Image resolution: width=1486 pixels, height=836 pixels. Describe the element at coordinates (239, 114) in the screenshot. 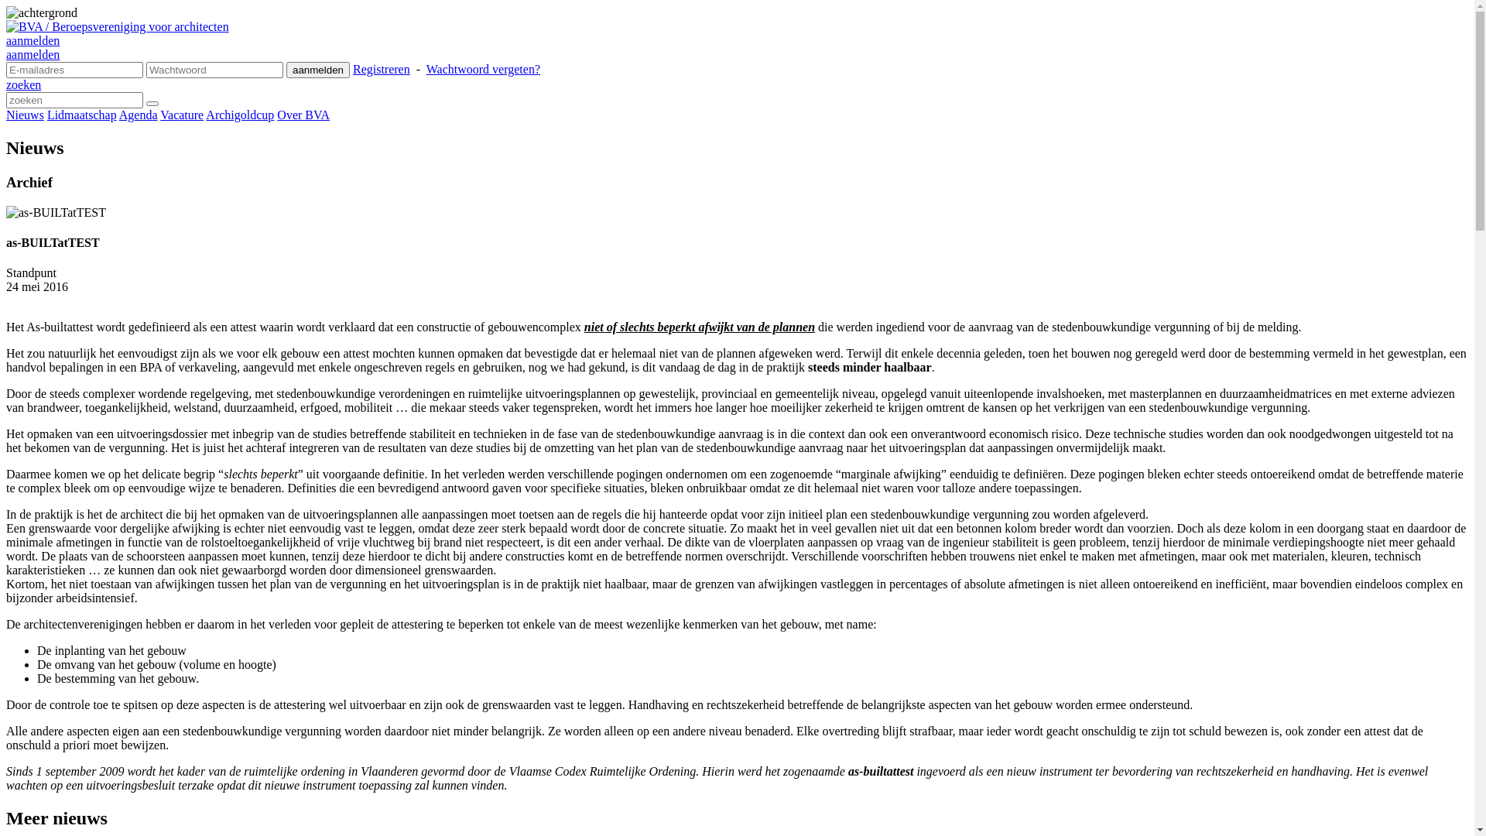

I see `'Archigoldcup'` at that location.